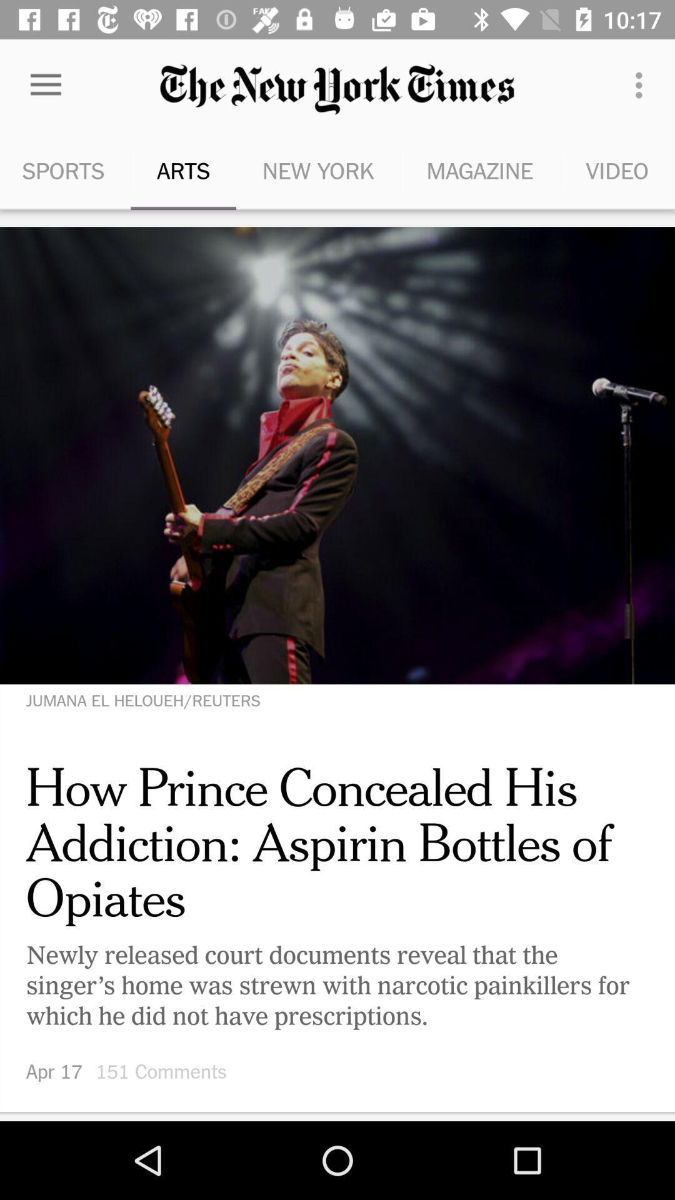 This screenshot has height=1200, width=675. What do you see at coordinates (317, 170) in the screenshot?
I see `the item next to arts item` at bounding box center [317, 170].